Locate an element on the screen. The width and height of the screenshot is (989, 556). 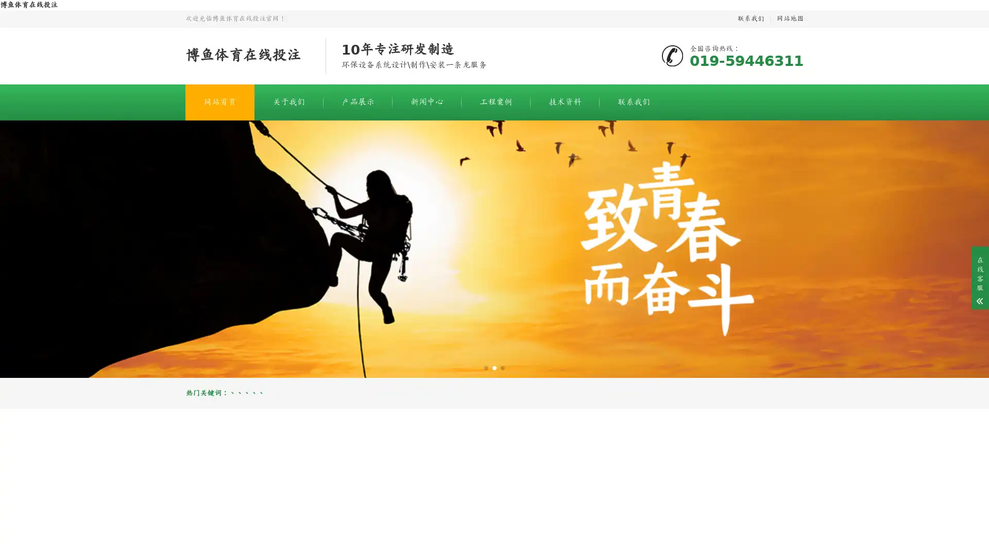
Go to slide 2 is located at coordinates (494, 367).